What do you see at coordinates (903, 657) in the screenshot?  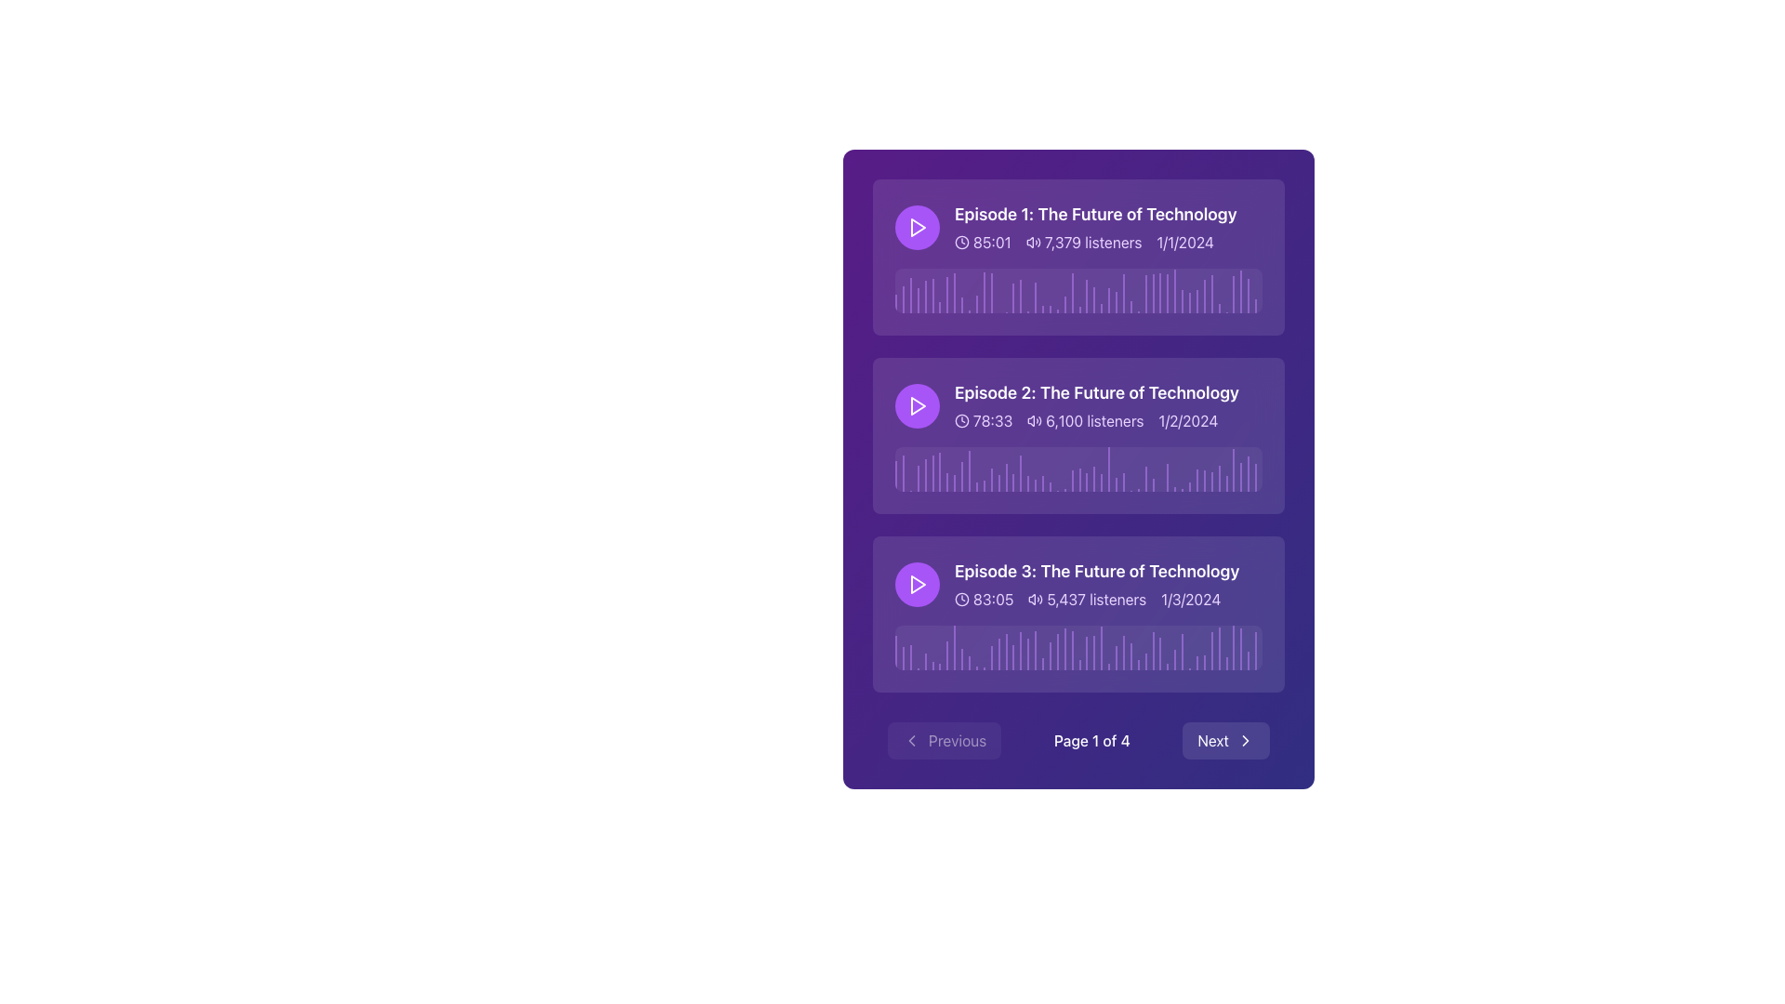 I see `the second vertical graphical bar in the bottom section related to 'Episode 3: The Future of Technology'` at bounding box center [903, 657].